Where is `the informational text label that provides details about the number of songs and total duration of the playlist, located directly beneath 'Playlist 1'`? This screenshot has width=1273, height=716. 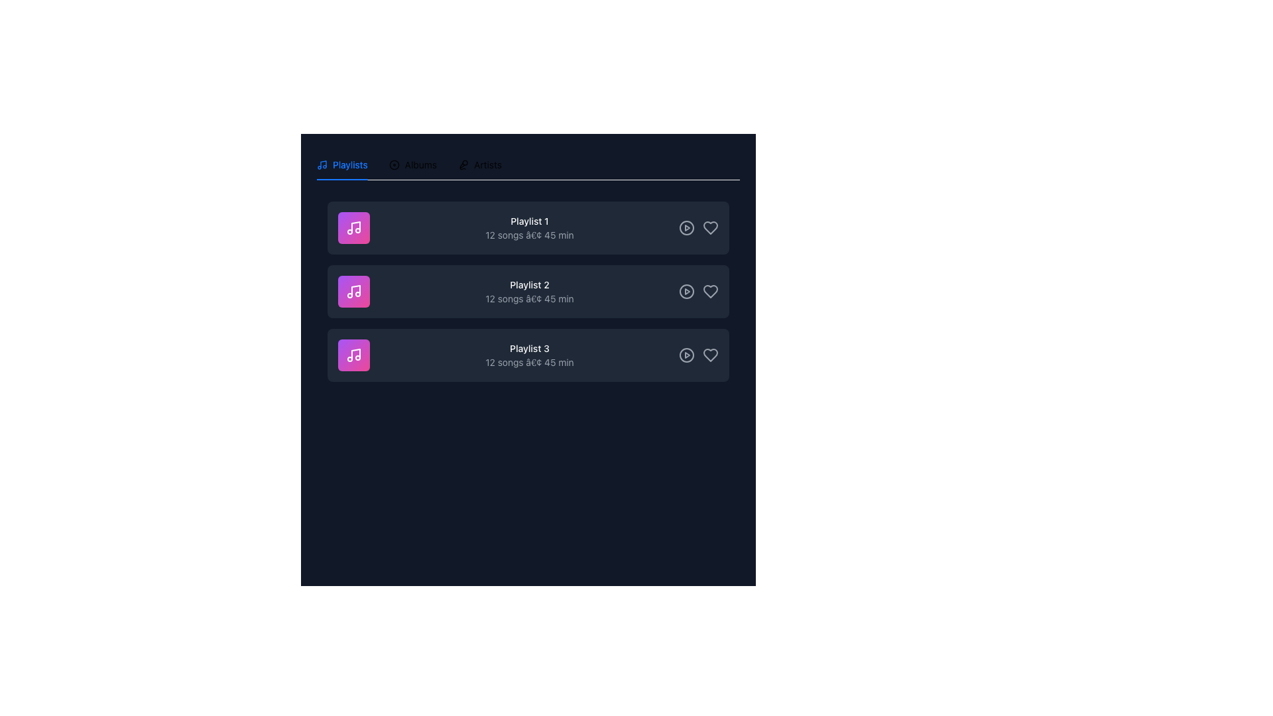 the informational text label that provides details about the number of songs and total duration of the playlist, located directly beneath 'Playlist 1' is located at coordinates (528, 234).